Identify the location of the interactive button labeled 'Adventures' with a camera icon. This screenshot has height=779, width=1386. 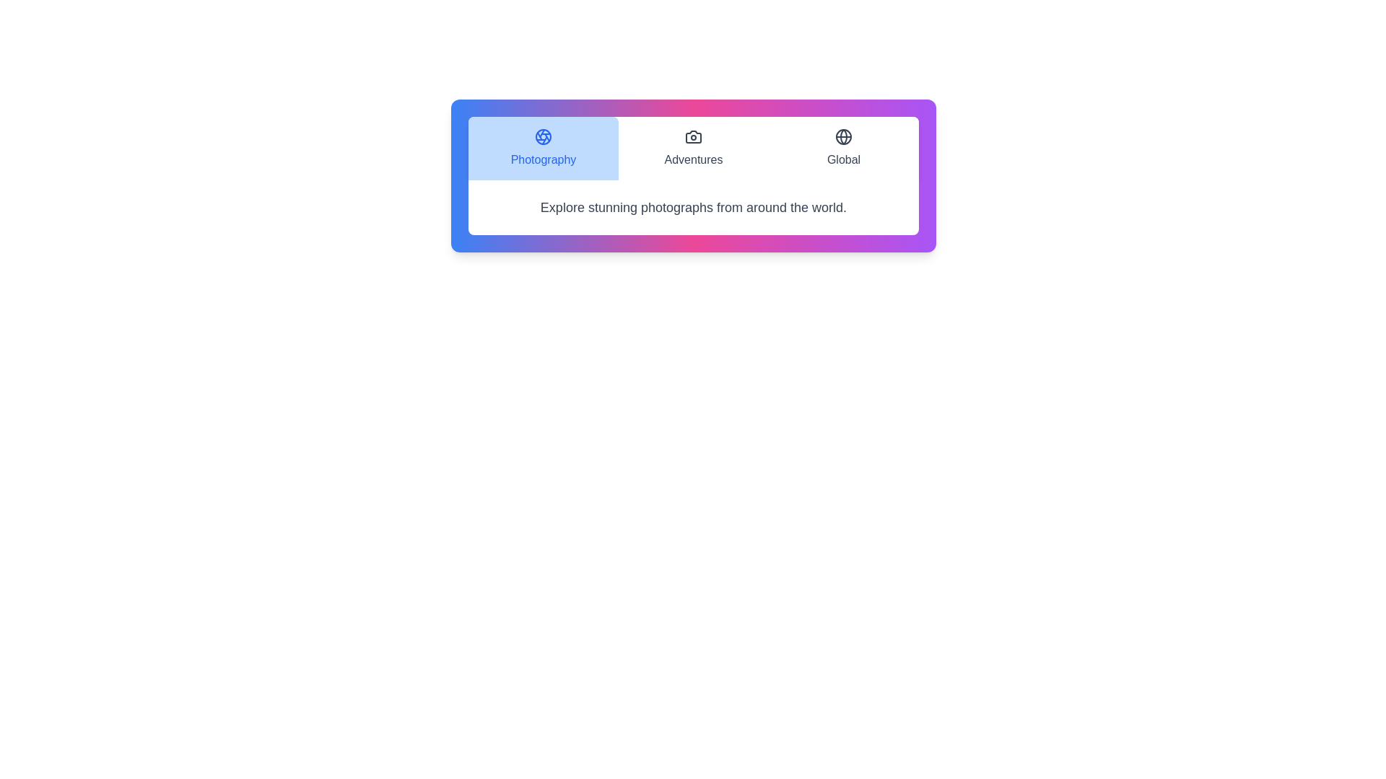
(693, 148).